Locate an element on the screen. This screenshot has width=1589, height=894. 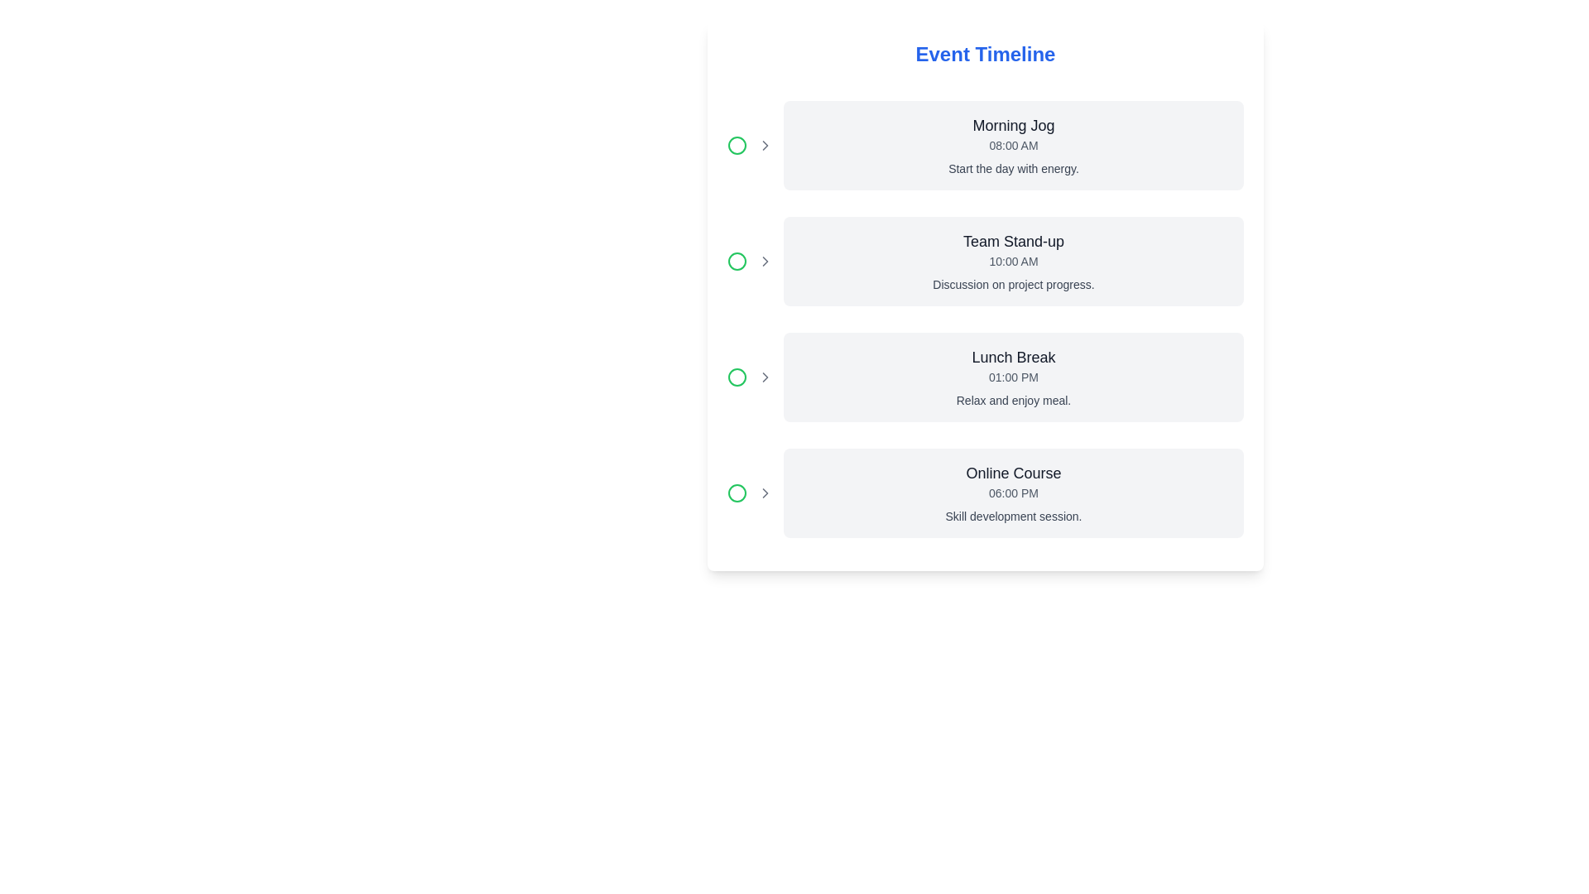
the static text that provides a brief description for the associated event 'Online Course', located below the '06:00 PM' text in the bottom right section of the timeline interface is located at coordinates (1012, 516).